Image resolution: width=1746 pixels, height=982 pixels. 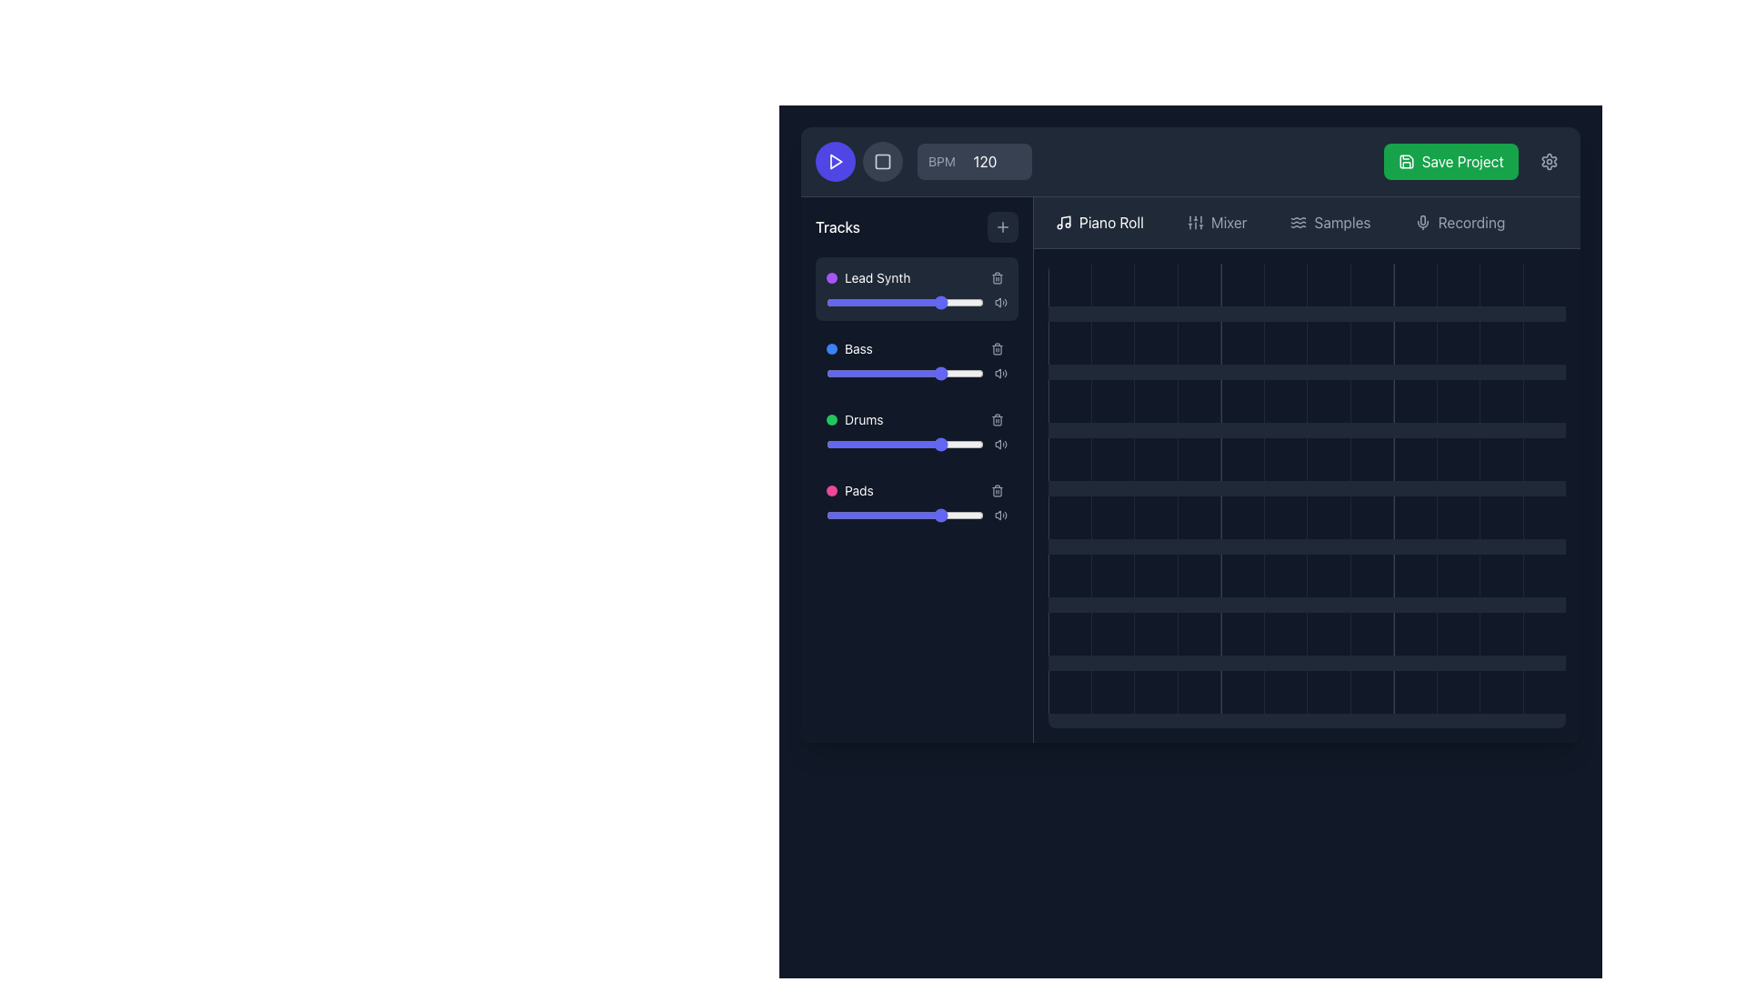 What do you see at coordinates (861, 373) in the screenshot?
I see `the slider` at bounding box center [861, 373].